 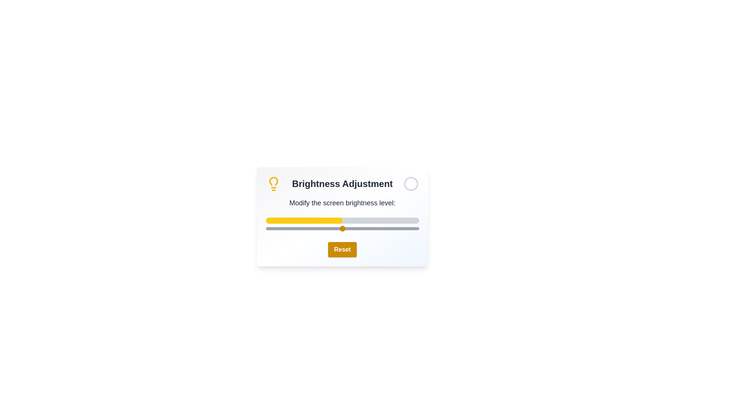 I want to click on the brightness slider to 40%, so click(x=327, y=228).